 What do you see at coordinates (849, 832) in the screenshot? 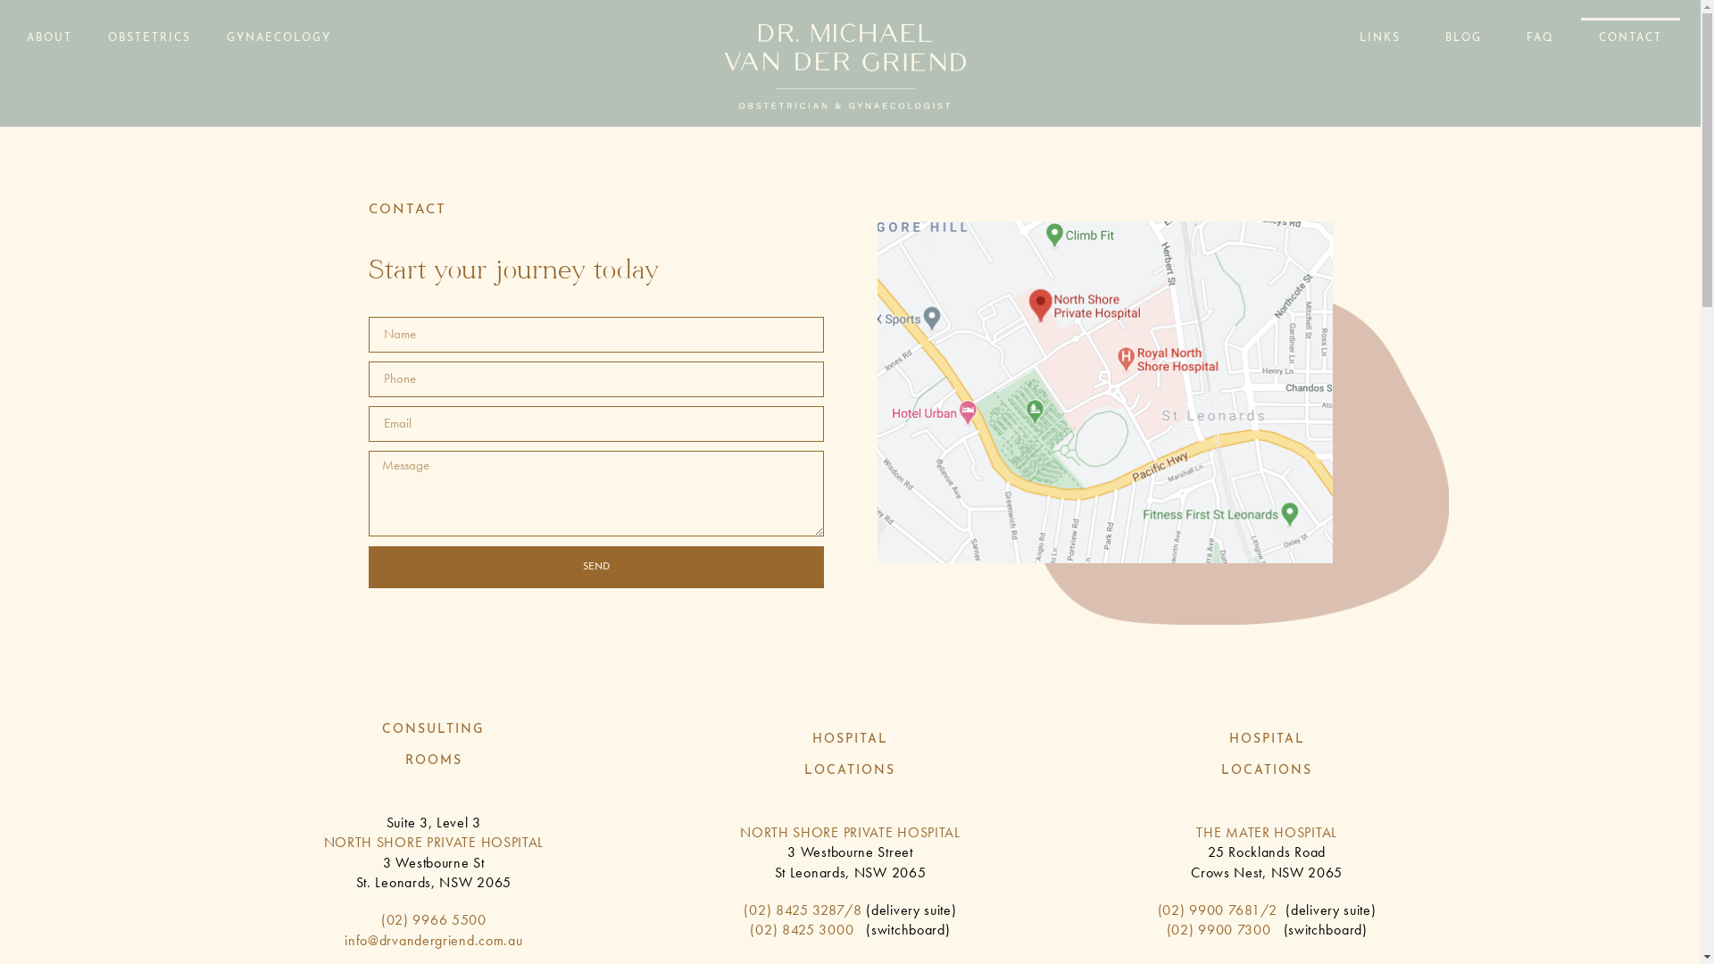
I see `'NORTH SHORE PRIVATE HOSPITAL'` at bounding box center [849, 832].